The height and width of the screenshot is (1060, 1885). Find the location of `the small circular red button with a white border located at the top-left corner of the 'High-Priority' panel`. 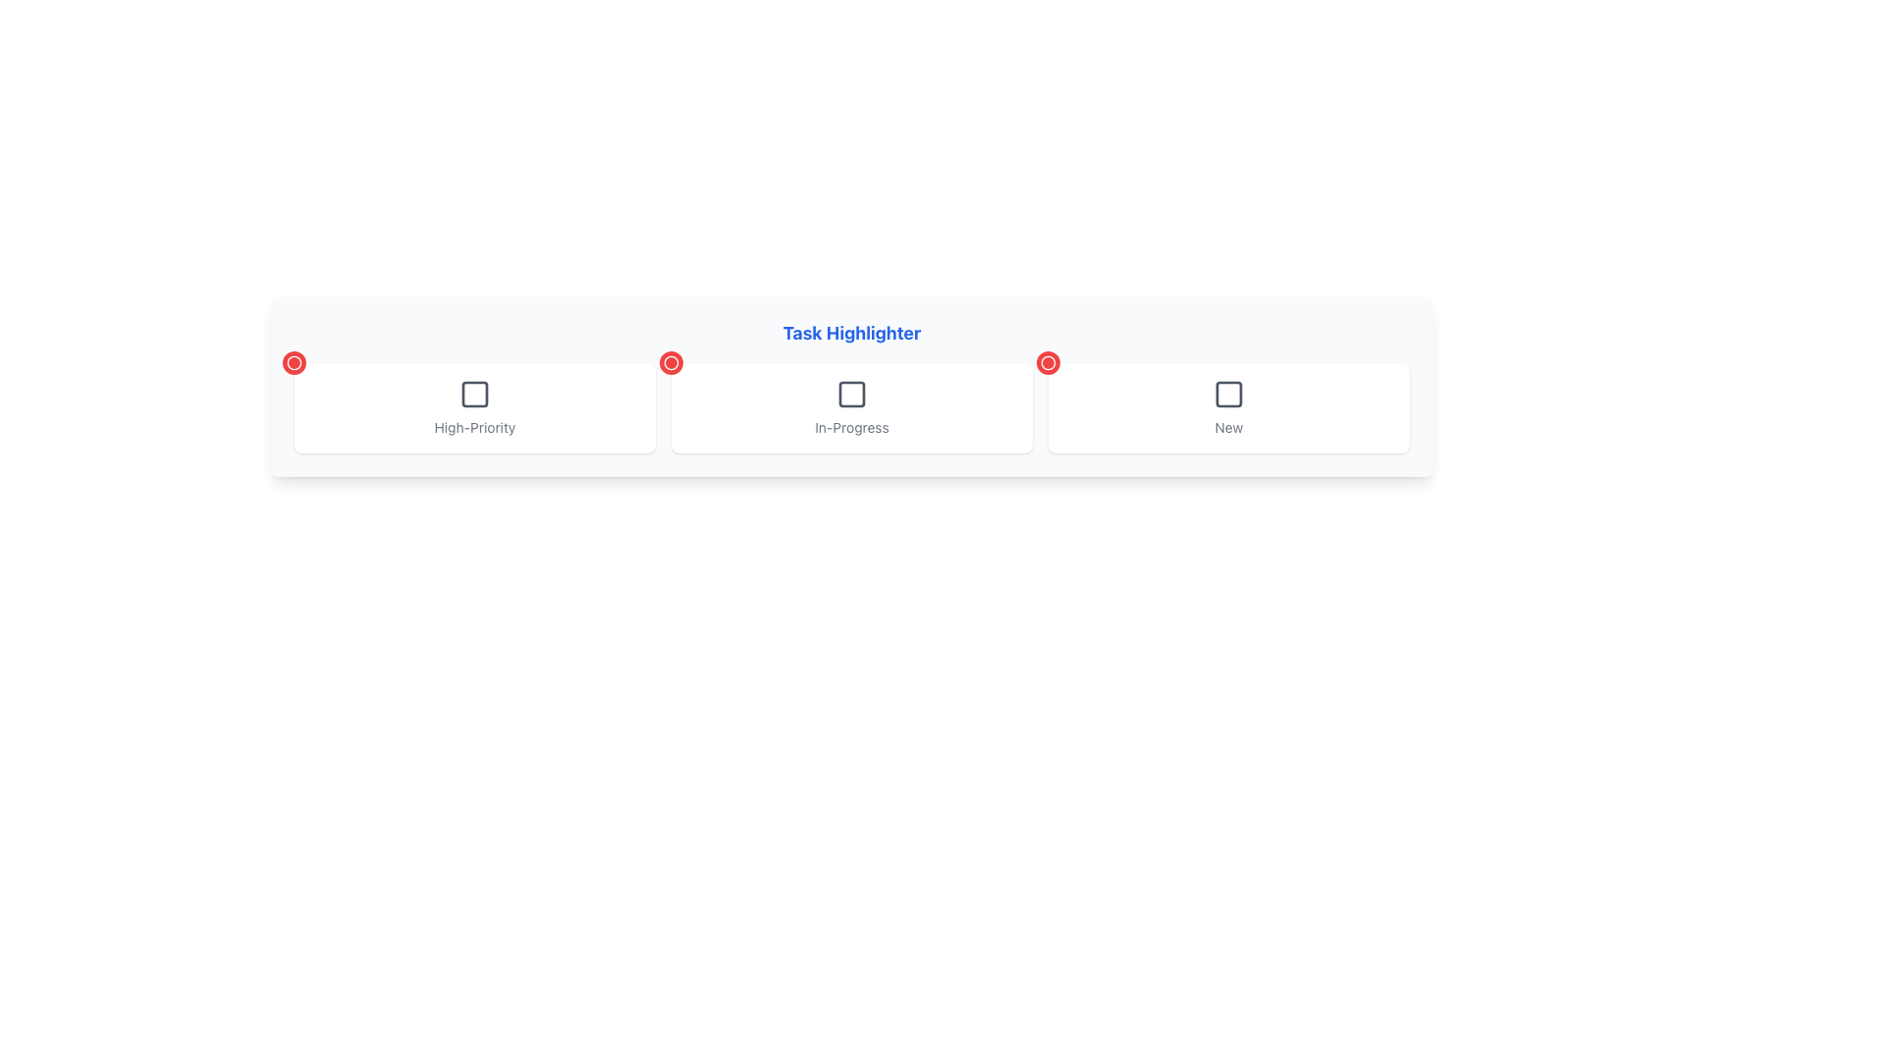

the small circular red button with a white border located at the top-left corner of the 'High-Priority' panel is located at coordinates (293, 363).